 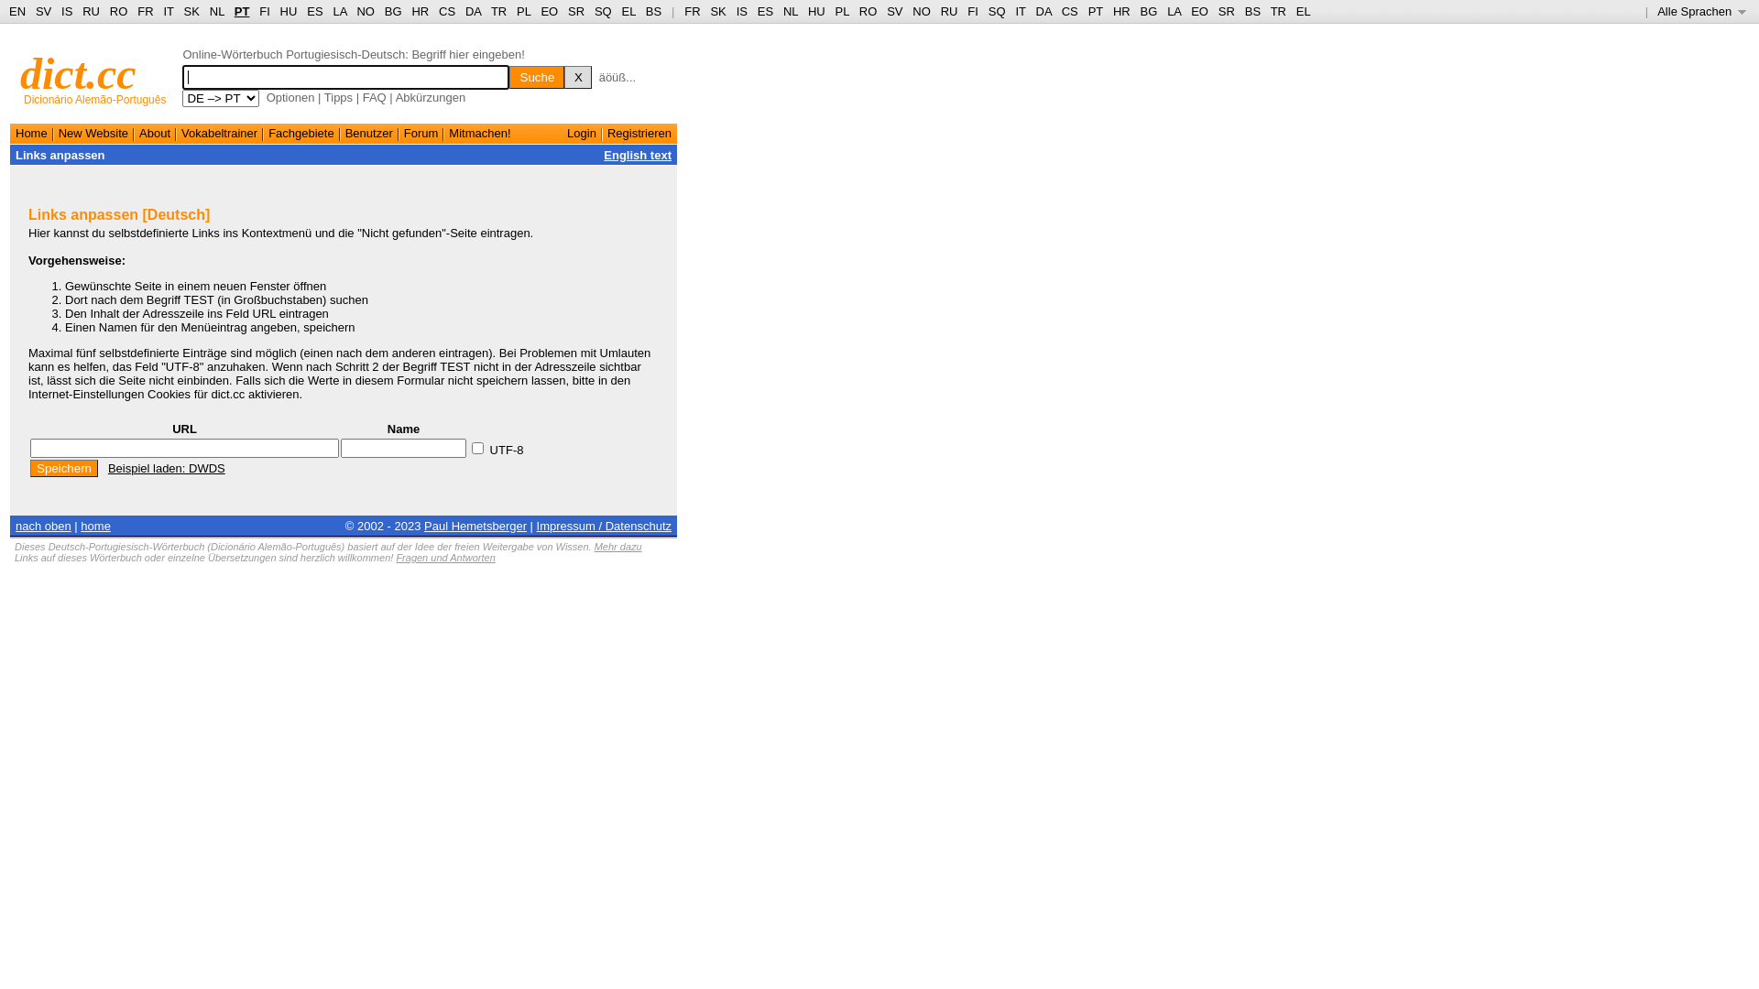 What do you see at coordinates (683, 11) in the screenshot?
I see `'FR'` at bounding box center [683, 11].